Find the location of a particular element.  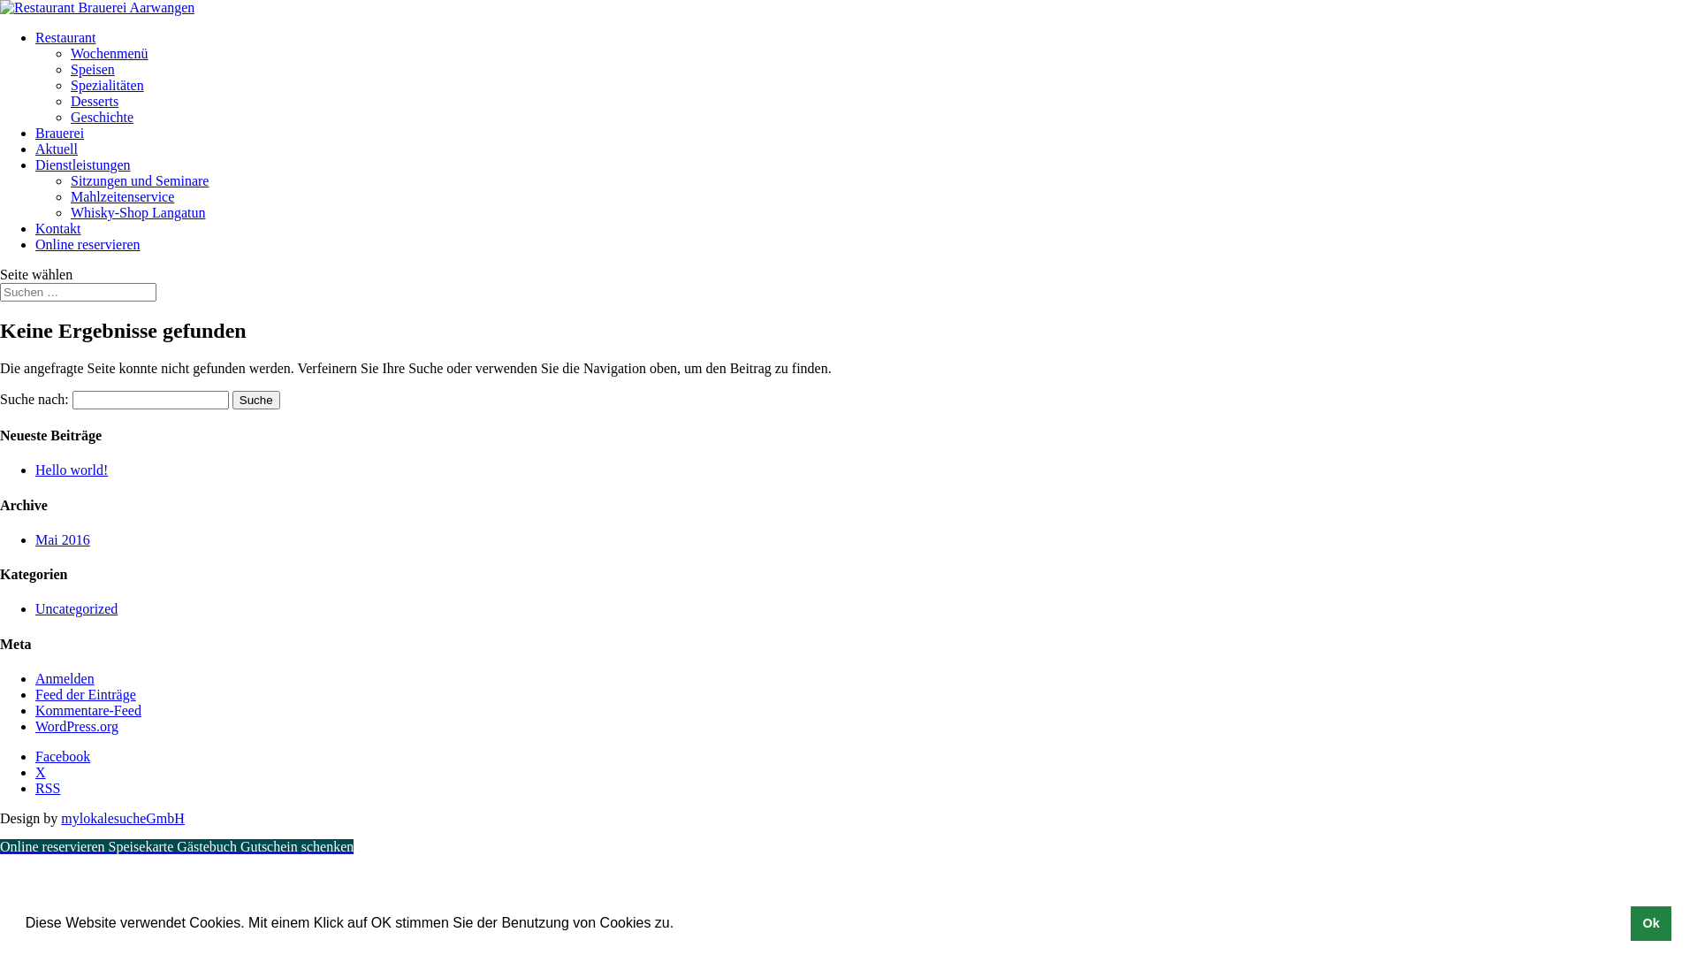

'Suchen nach:' is located at coordinates (77, 291).